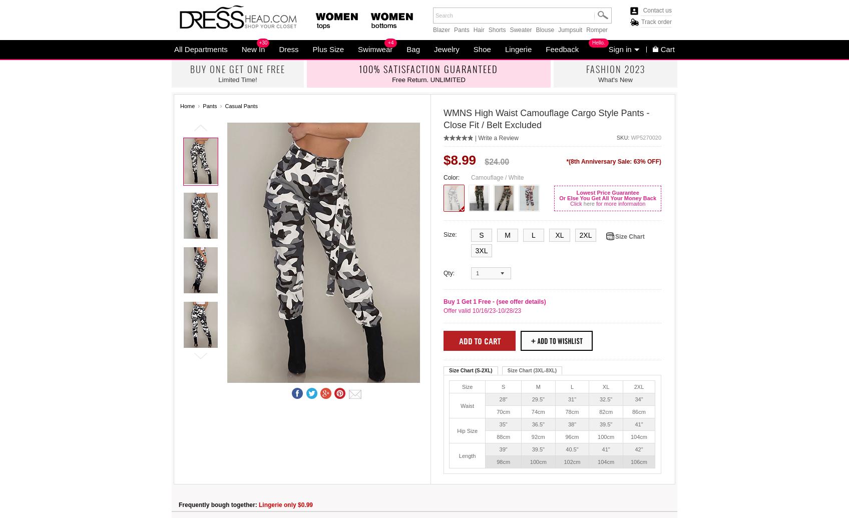 The width and height of the screenshot is (849, 518). What do you see at coordinates (496, 461) in the screenshot?
I see `'98cm'` at bounding box center [496, 461].